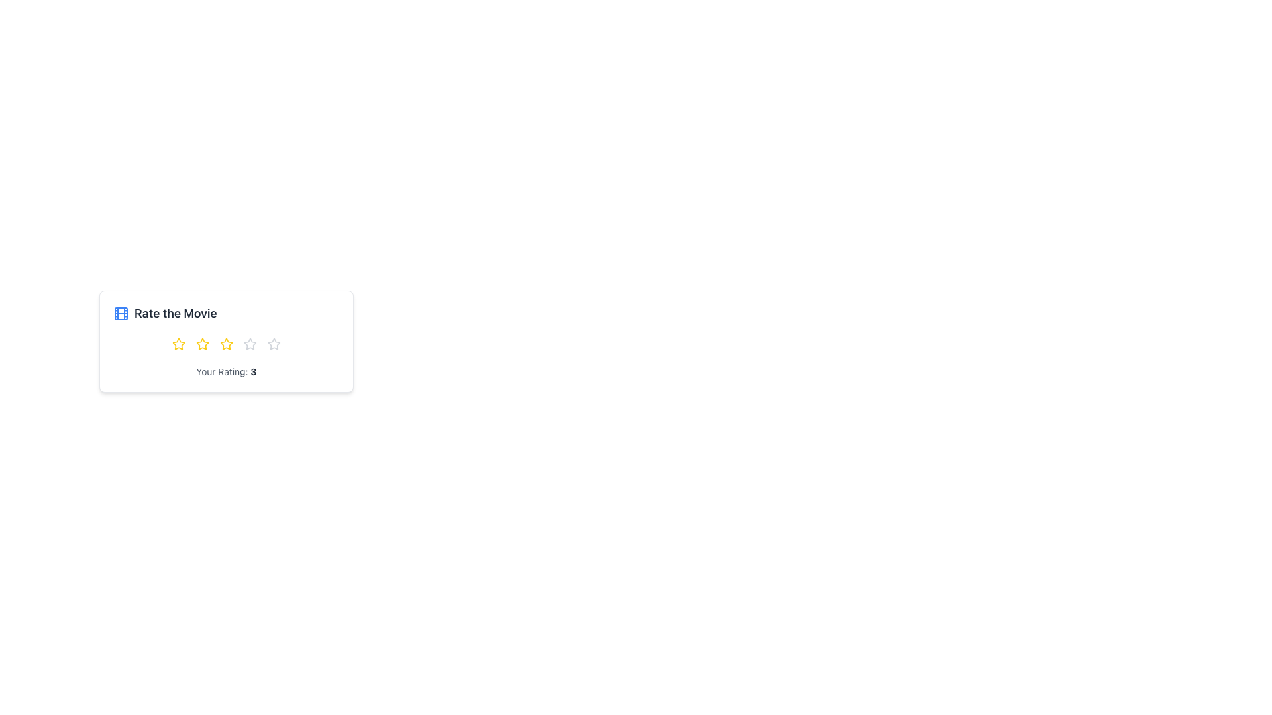 This screenshot has width=1272, height=715. I want to click on the third selectable rating star icon in the 'Rate the Movie' section, so click(202, 343).